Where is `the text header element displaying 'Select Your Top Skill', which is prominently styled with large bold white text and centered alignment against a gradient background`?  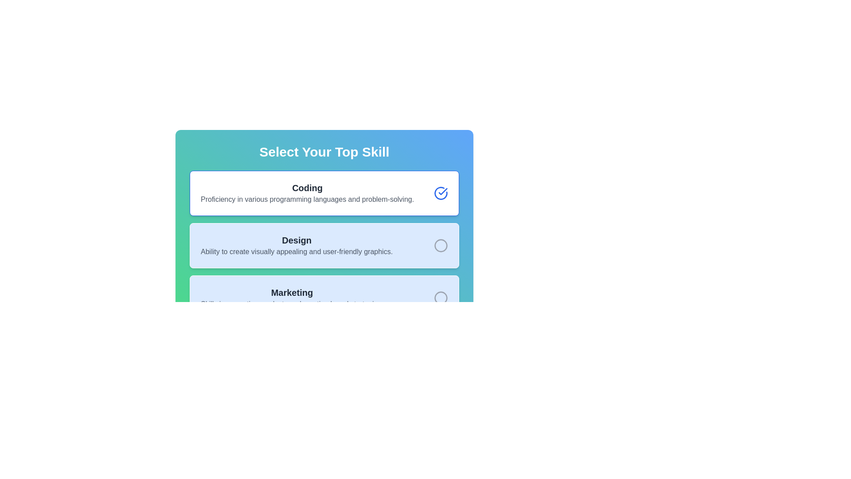
the text header element displaying 'Select Your Top Skill', which is prominently styled with large bold white text and centered alignment against a gradient background is located at coordinates (324, 152).